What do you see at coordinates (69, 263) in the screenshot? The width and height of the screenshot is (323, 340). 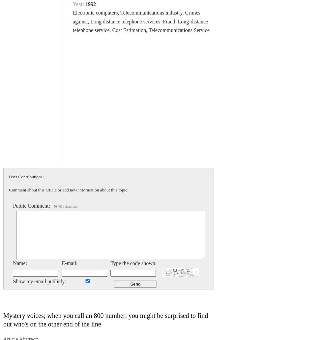 I see `'E-mail:'` at bounding box center [69, 263].